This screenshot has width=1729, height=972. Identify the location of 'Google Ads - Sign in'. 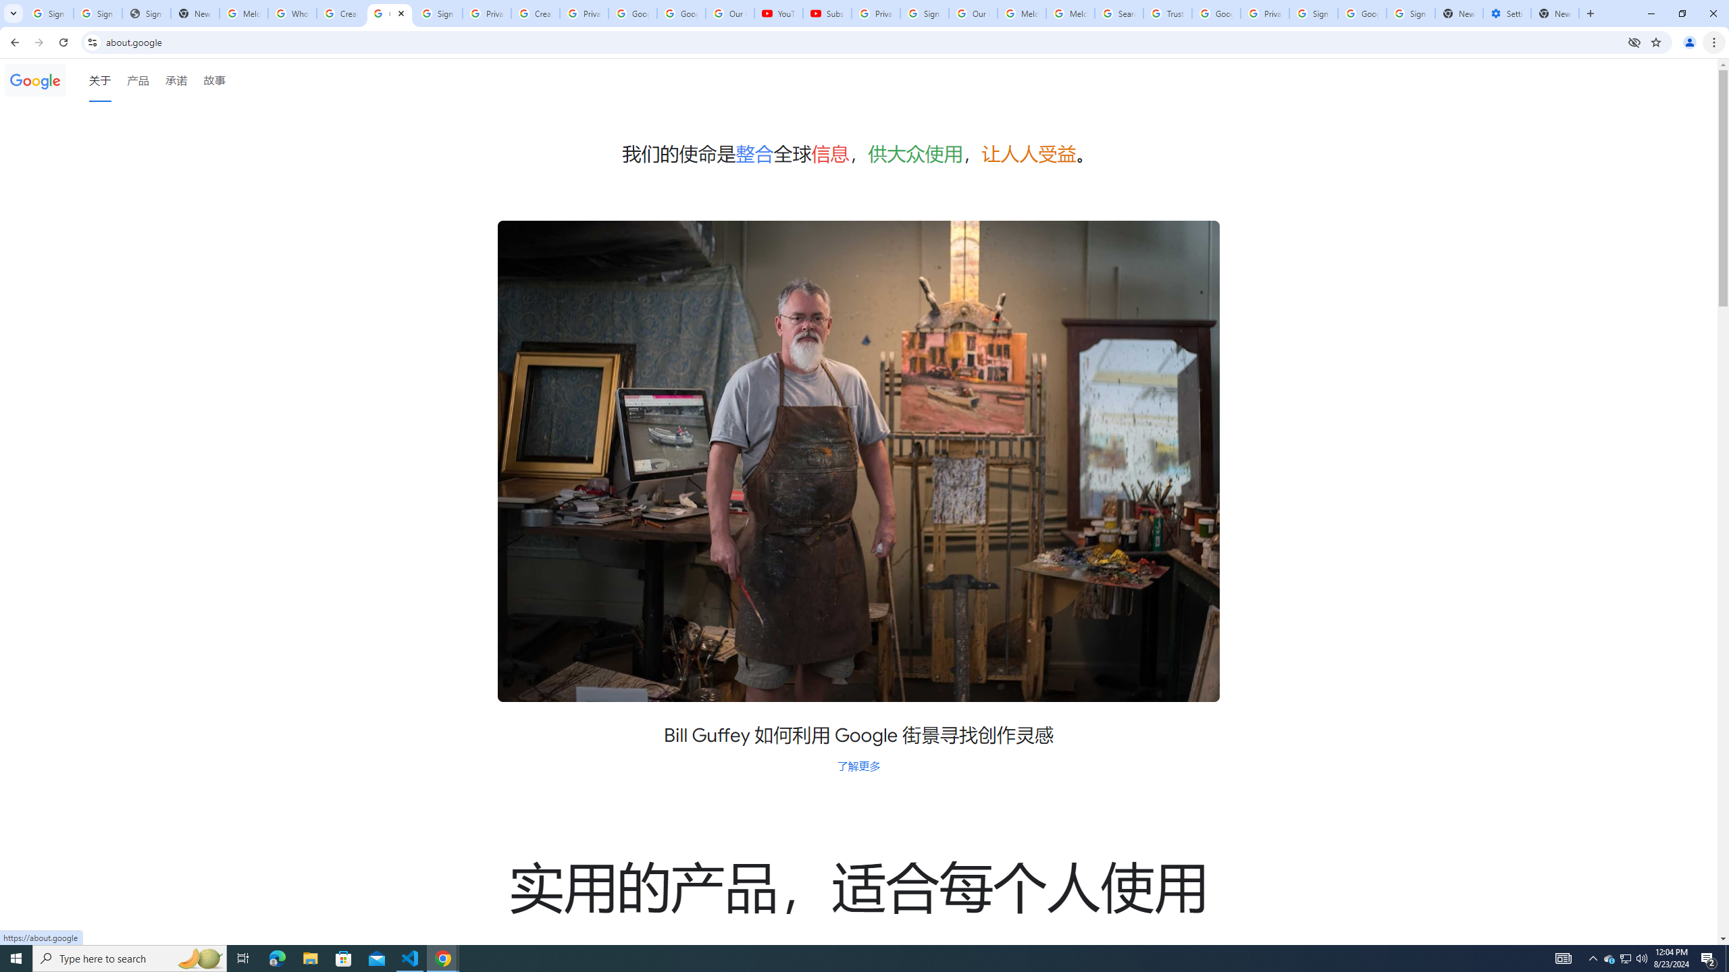
(1215, 13).